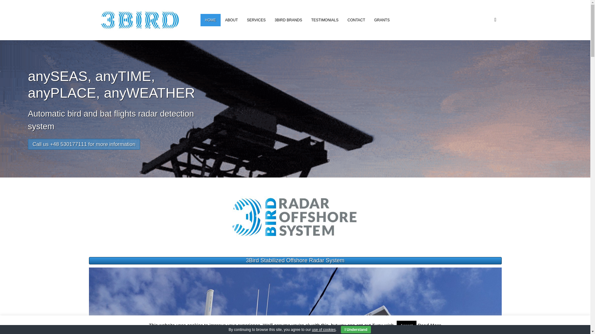 This screenshot has height=334, width=595. Describe the element at coordinates (256, 20) in the screenshot. I see `'SERVICES'` at that location.